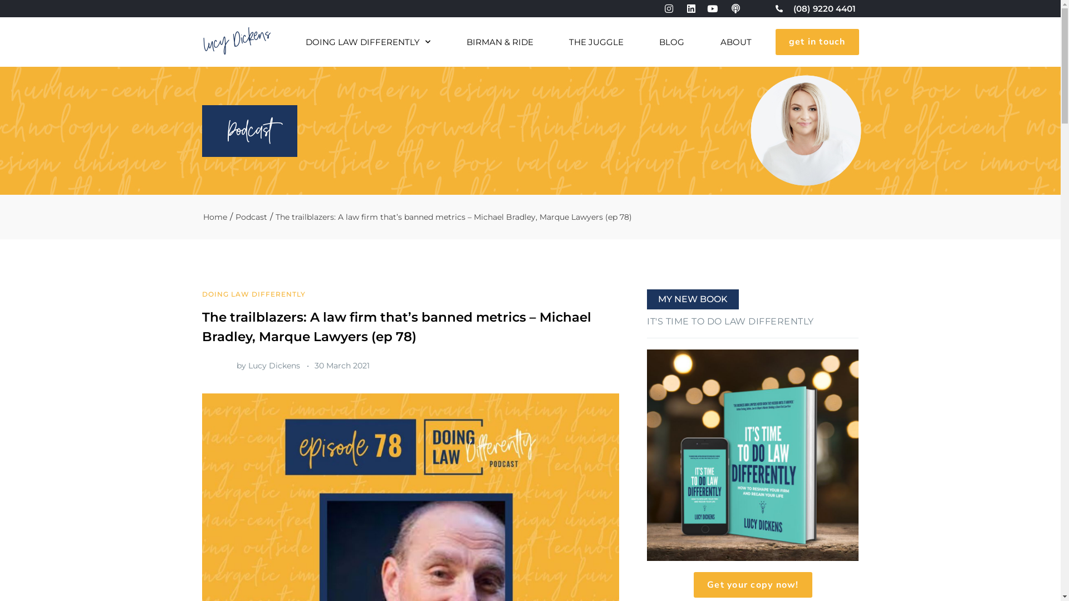  Describe the element at coordinates (595, 41) in the screenshot. I see `'THE JUGGLE'` at that location.